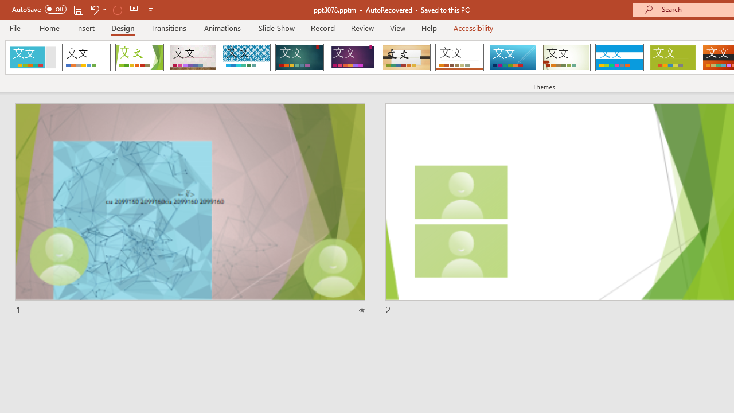 The width and height of the screenshot is (734, 413). Describe the element at coordinates (619, 57) in the screenshot. I see `'Banded'` at that location.